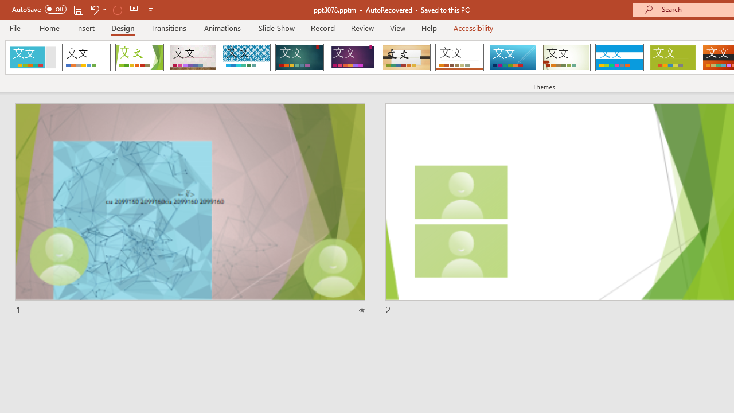 The width and height of the screenshot is (734, 413). Describe the element at coordinates (619, 57) in the screenshot. I see `'Banded'` at that location.